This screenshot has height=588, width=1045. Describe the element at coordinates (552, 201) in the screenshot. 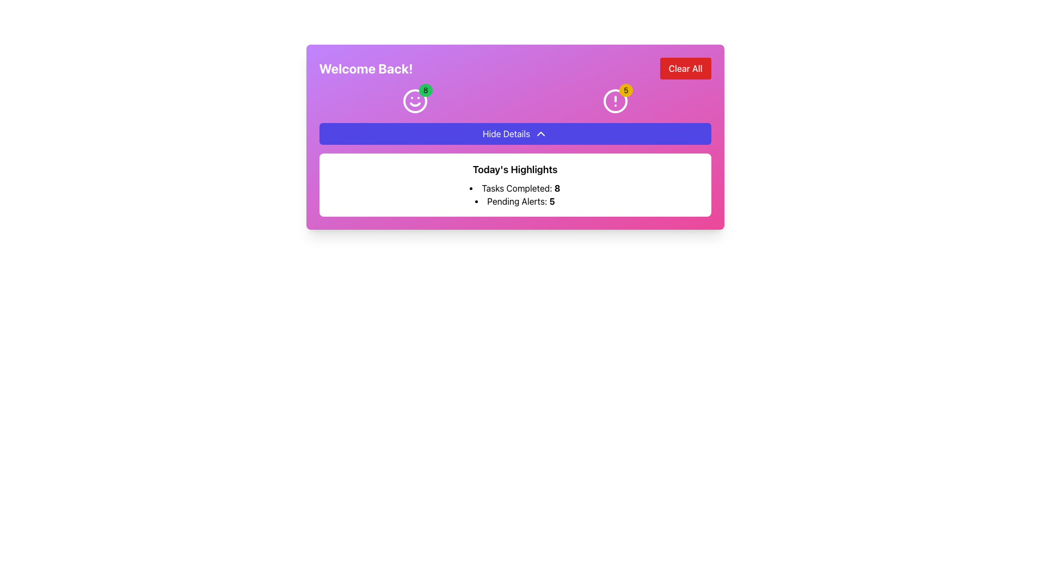

I see `the numeral '5' in the 'Pending Alerts' text located in the 'Today's Highlights' section at the bottom-middle of the interface` at that location.